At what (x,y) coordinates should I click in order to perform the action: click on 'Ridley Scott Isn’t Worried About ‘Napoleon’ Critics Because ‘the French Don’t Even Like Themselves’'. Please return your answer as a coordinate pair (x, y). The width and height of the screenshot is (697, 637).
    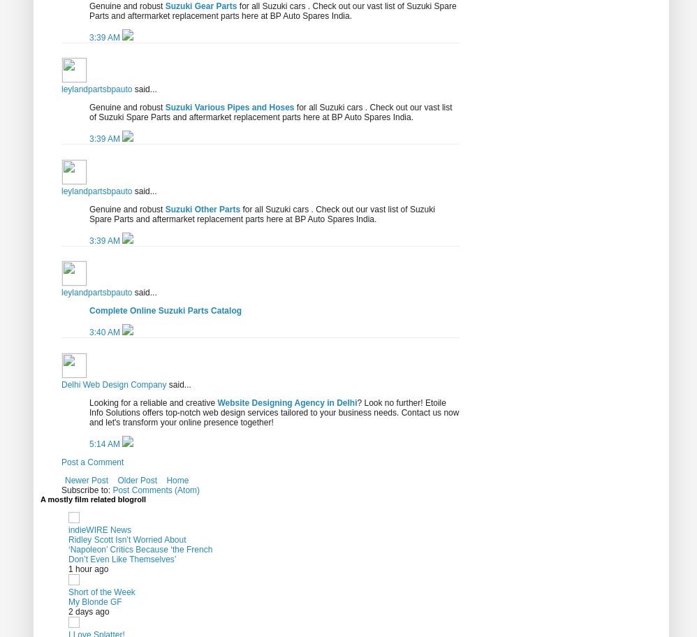
    Looking at the image, I should click on (140, 548).